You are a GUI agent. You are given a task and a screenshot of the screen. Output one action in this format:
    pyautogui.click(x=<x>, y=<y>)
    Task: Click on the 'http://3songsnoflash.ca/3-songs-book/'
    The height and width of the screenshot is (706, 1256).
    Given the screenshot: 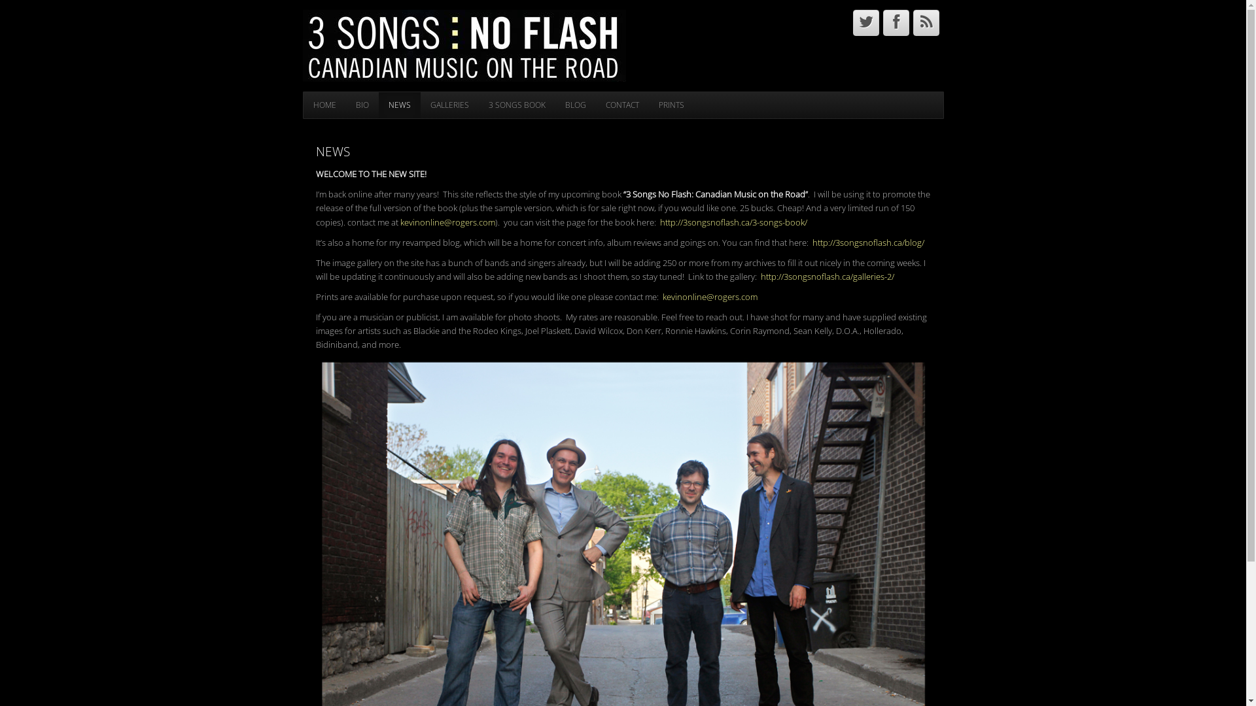 What is the action you would take?
    pyautogui.click(x=733, y=221)
    